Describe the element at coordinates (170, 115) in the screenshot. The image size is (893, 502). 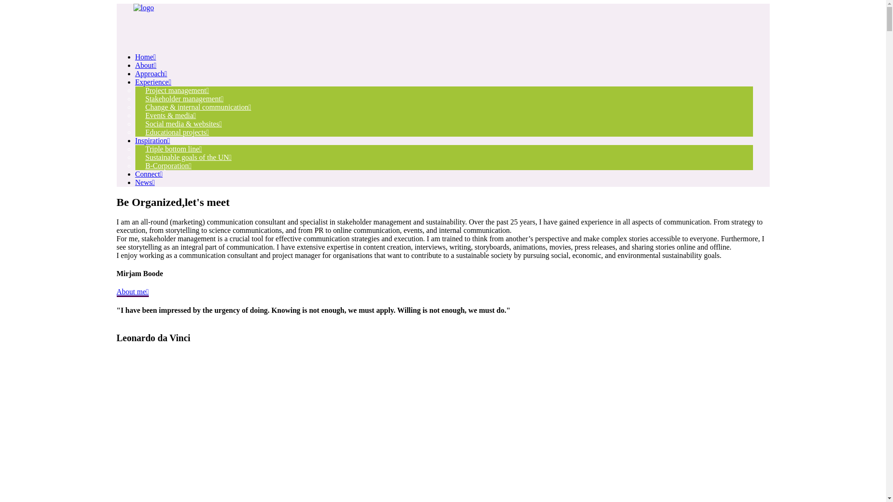
I see `'Events & media'` at that location.